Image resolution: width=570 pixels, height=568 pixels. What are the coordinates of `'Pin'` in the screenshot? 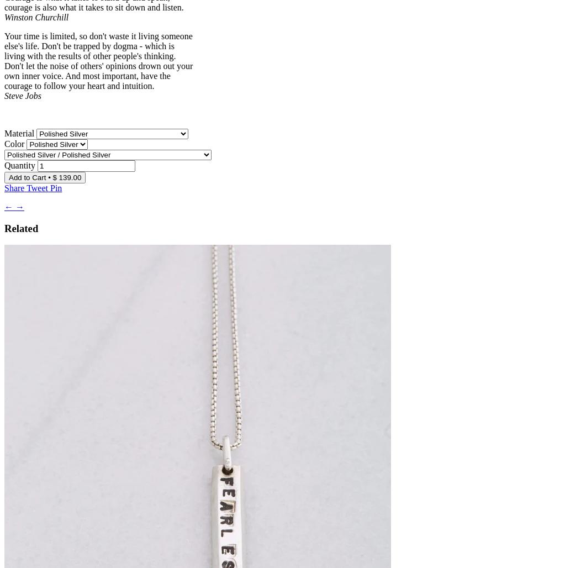 It's located at (56, 187).